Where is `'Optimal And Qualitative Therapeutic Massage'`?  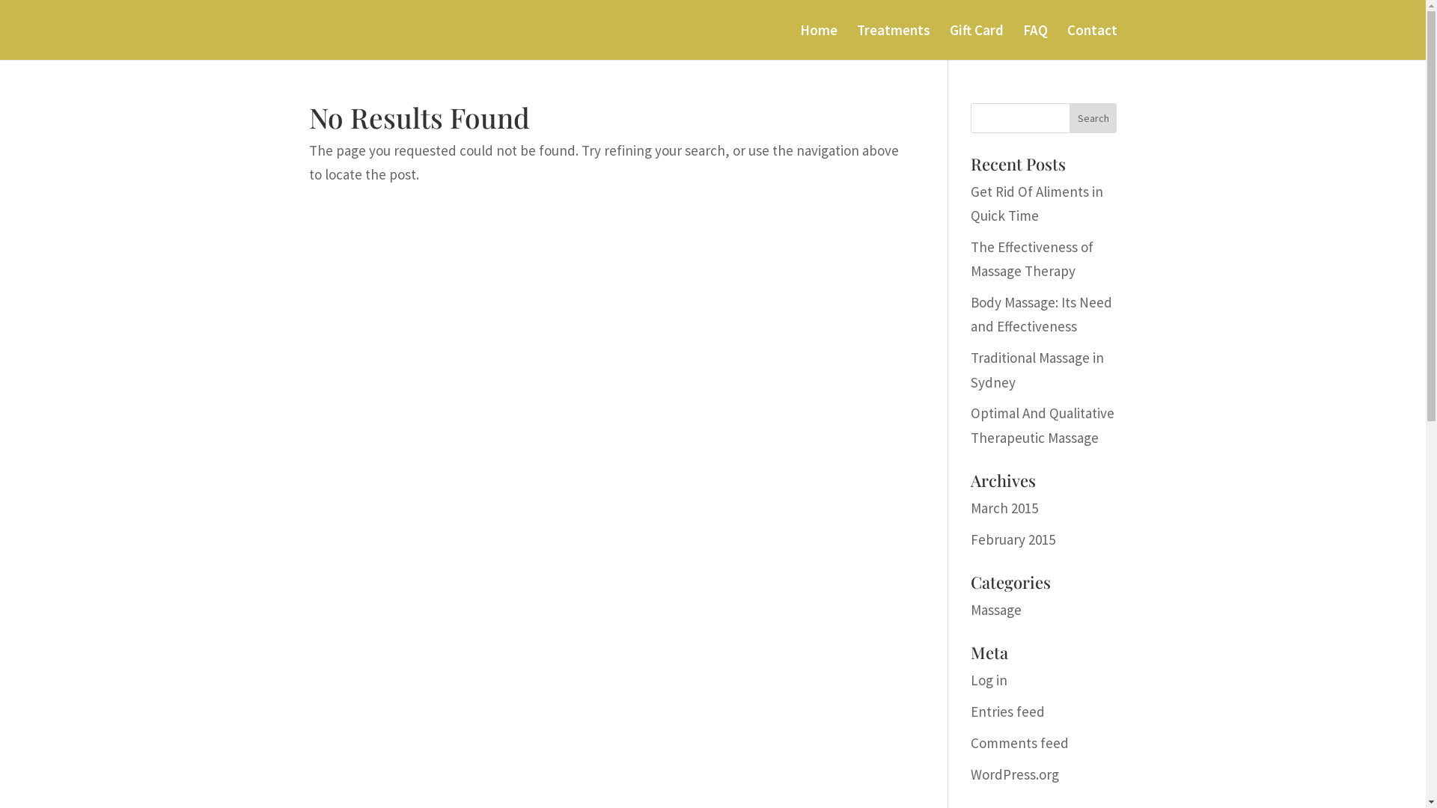 'Optimal And Qualitative Therapeutic Massage' is located at coordinates (1041, 424).